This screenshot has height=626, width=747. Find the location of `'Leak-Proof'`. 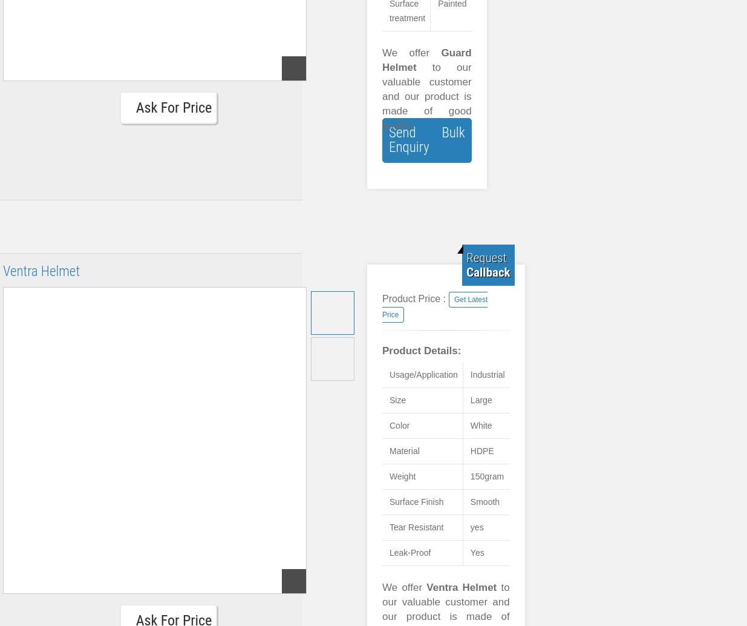

'Leak-Proof' is located at coordinates (410, 552).